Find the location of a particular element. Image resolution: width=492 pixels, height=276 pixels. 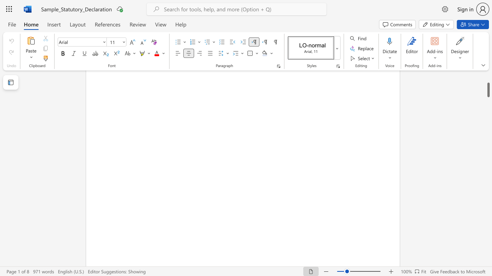

the scrollbar and move down 410 pixels is located at coordinates (488, 86).